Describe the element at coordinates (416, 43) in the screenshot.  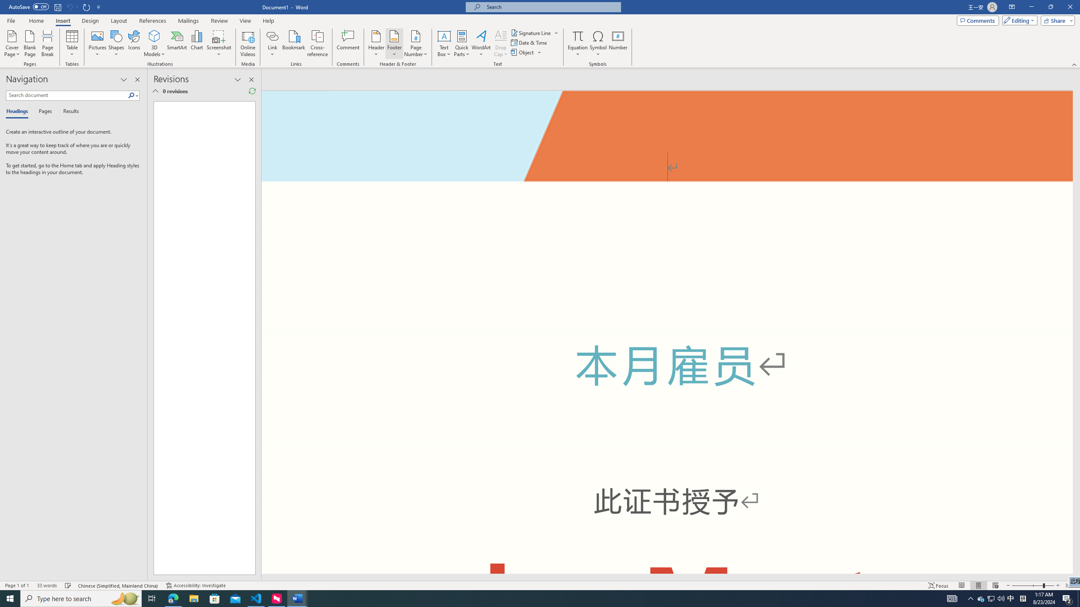
I see `'Page Number'` at that location.